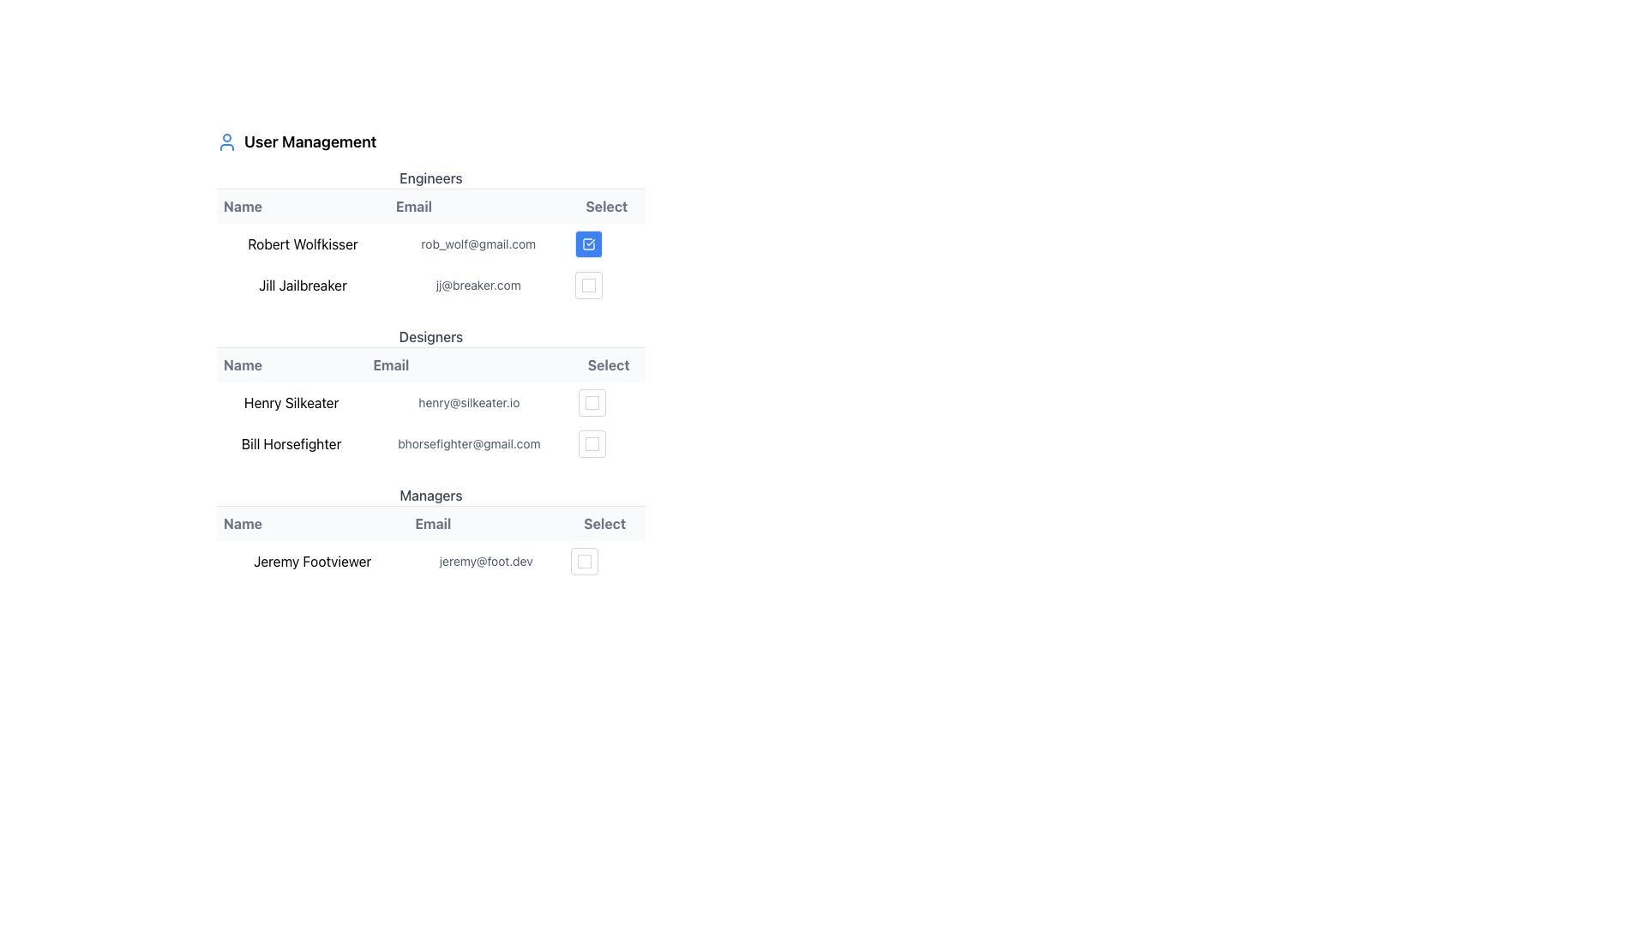 This screenshot has height=926, width=1646. Describe the element at coordinates (588, 244) in the screenshot. I see `the blue checkbox icon with a white checkmark under the 'Engineers' header, aligned with the 'Robert Wolfkisser' row` at that location.